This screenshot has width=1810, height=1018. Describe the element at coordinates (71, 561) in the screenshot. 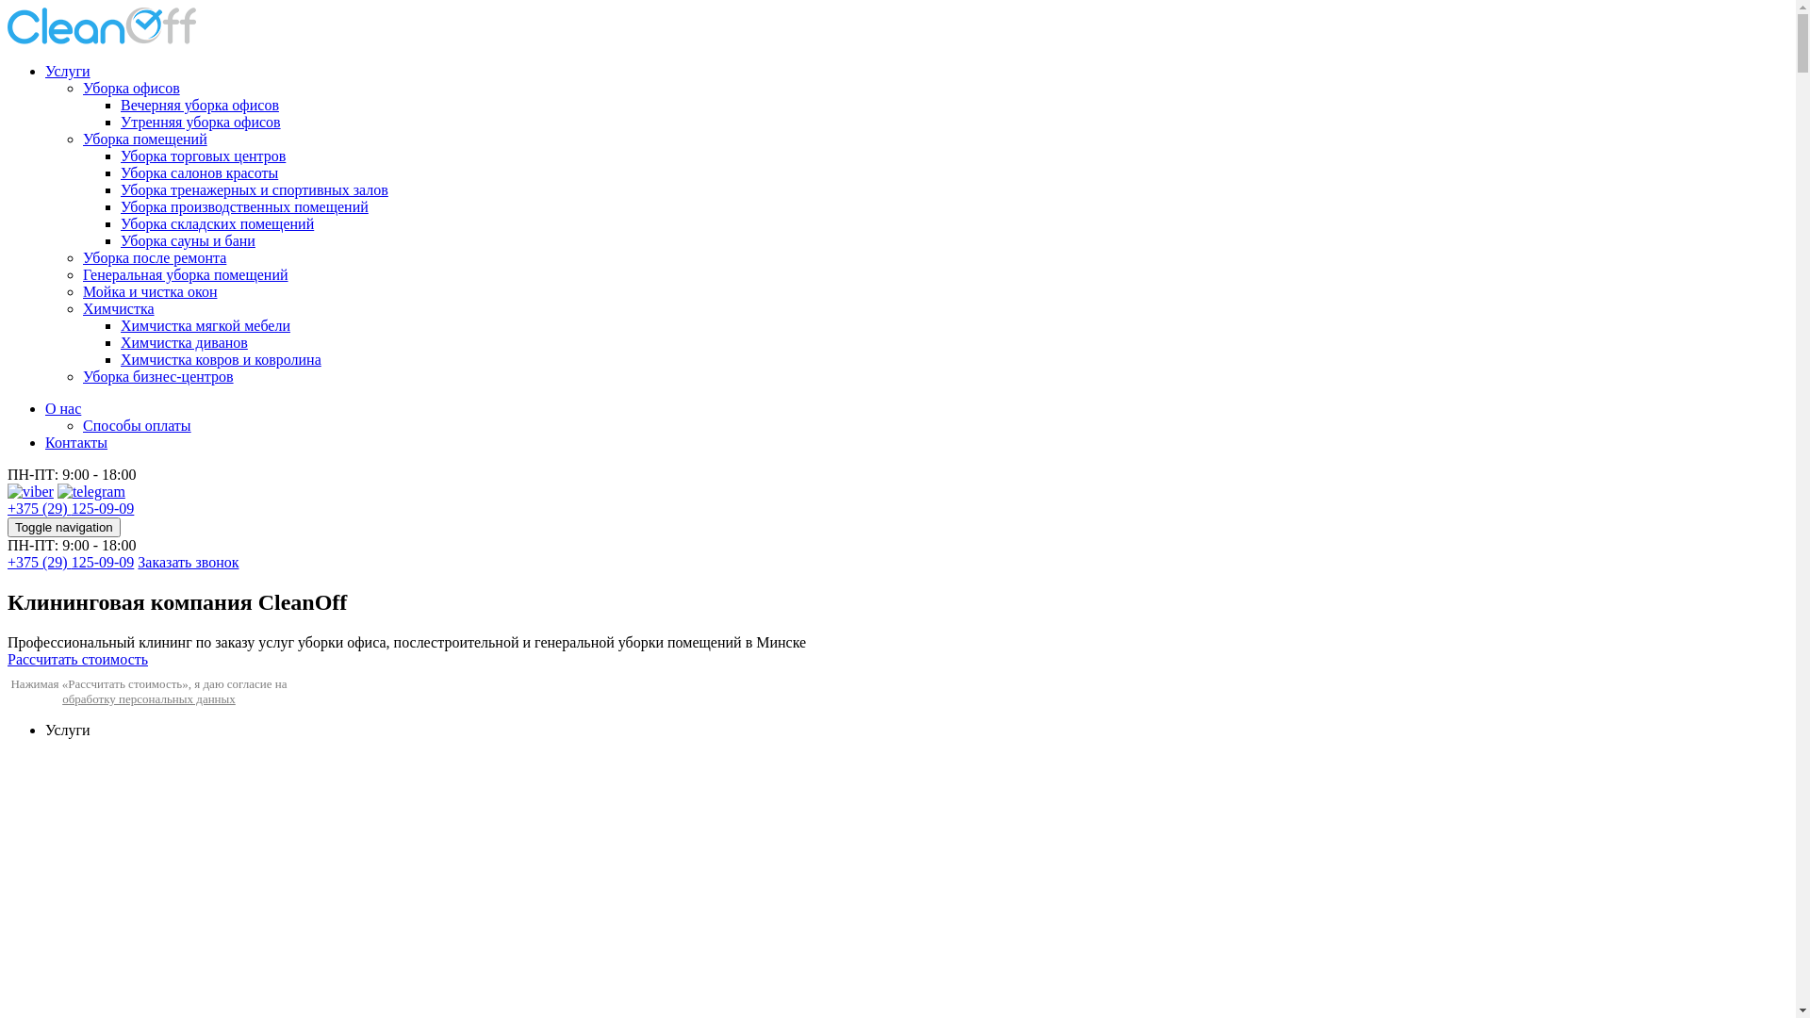

I see `'+375 (29) 125-09-09'` at that location.